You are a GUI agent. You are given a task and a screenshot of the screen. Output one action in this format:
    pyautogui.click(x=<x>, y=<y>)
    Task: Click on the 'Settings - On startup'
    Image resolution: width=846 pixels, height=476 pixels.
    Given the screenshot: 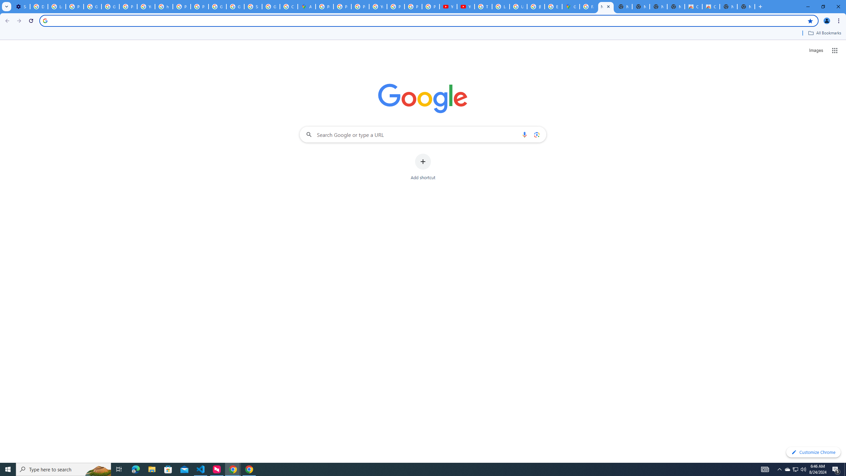 What is the action you would take?
    pyautogui.click(x=21, y=6)
    